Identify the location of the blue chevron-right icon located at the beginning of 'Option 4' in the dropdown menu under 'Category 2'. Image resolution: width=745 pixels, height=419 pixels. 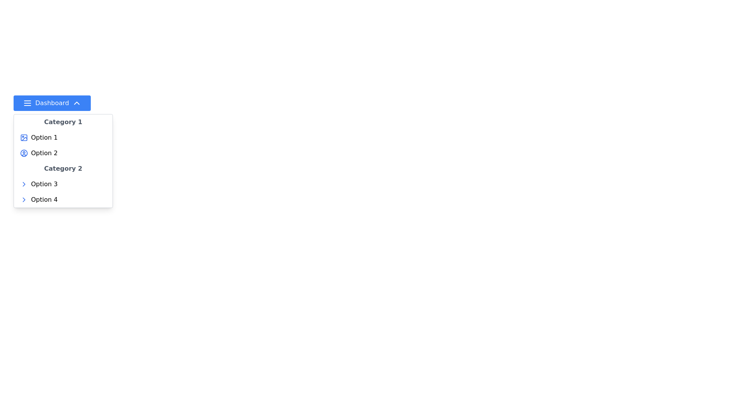
(24, 199).